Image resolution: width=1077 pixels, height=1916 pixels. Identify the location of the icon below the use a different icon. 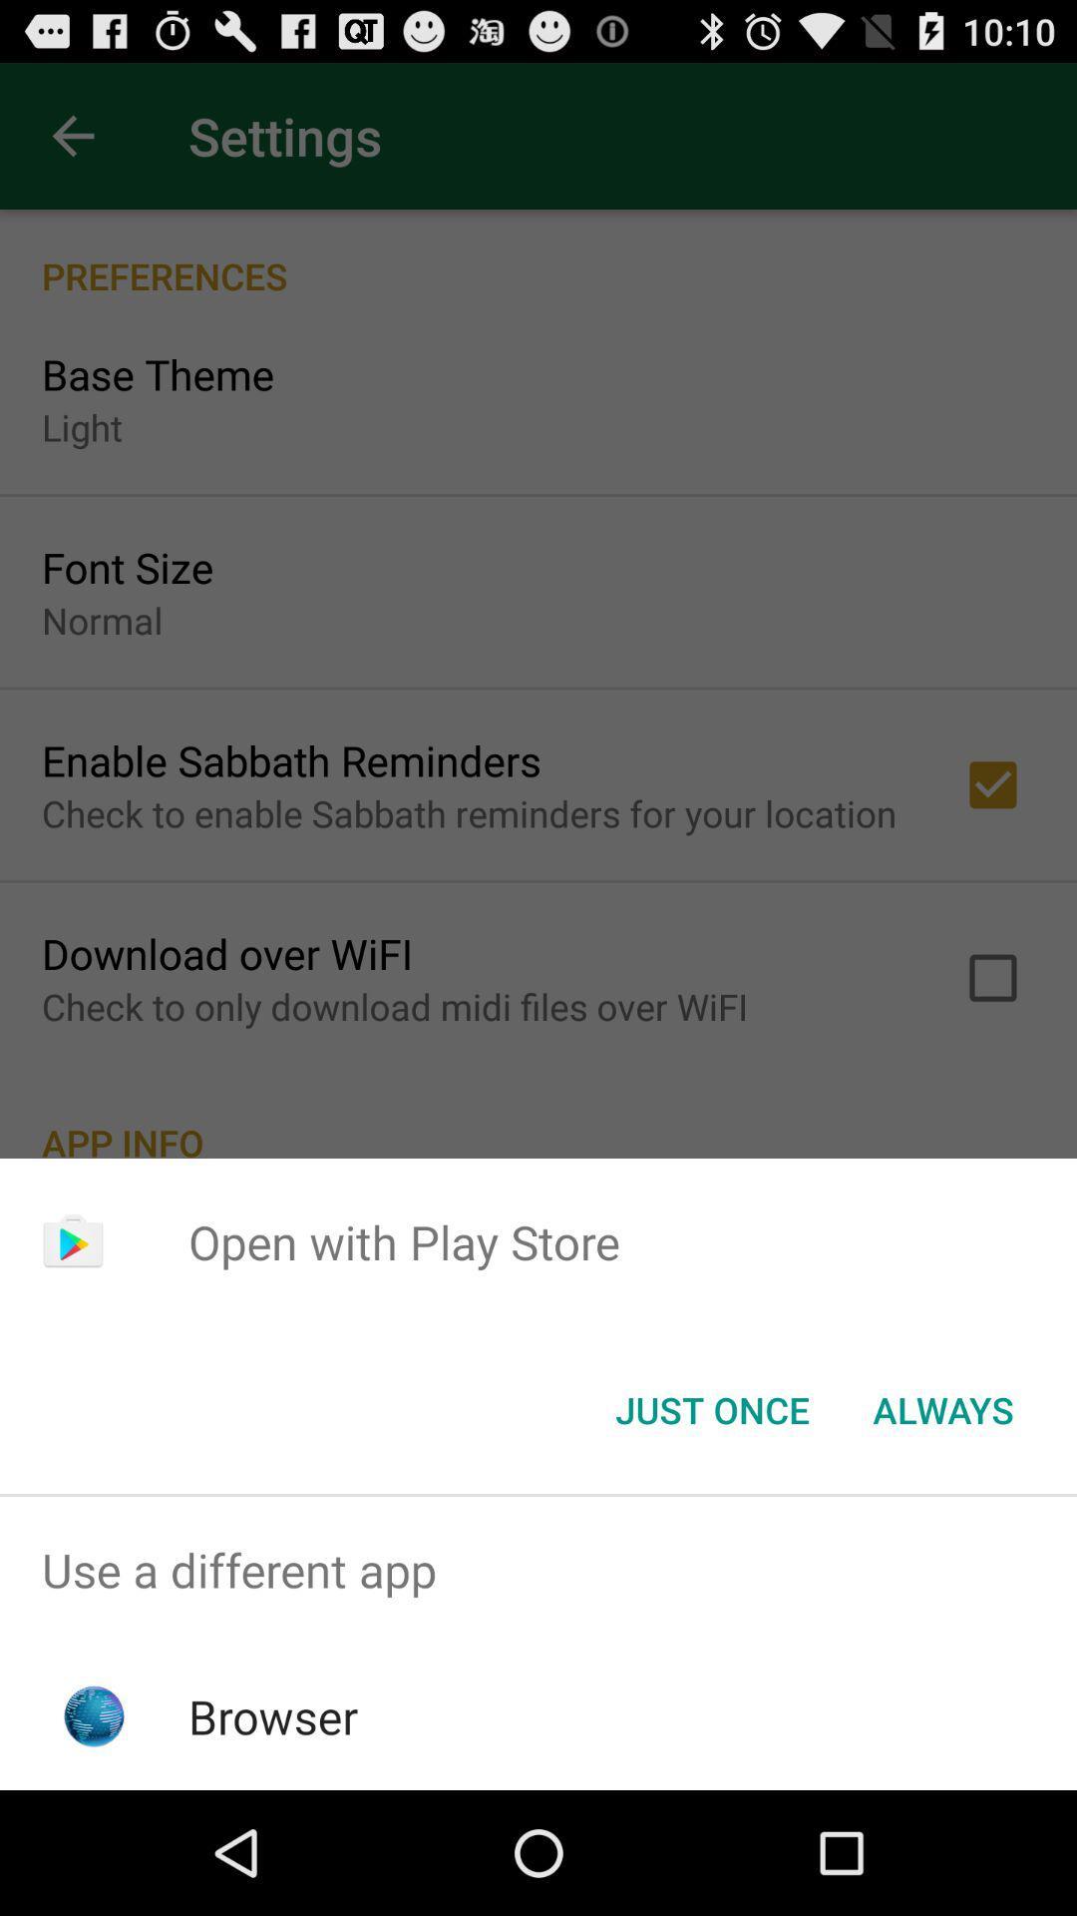
(273, 1715).